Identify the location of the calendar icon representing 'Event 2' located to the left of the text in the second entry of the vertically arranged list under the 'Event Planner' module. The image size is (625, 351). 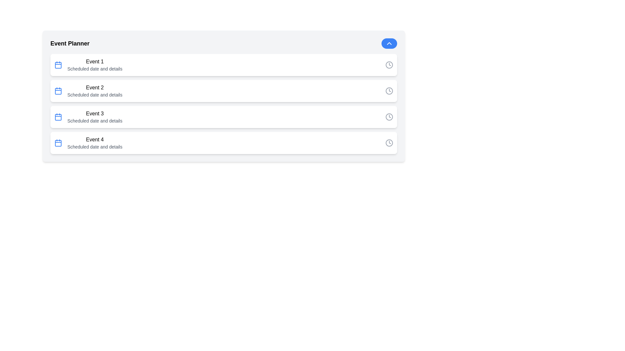
(58, 91).